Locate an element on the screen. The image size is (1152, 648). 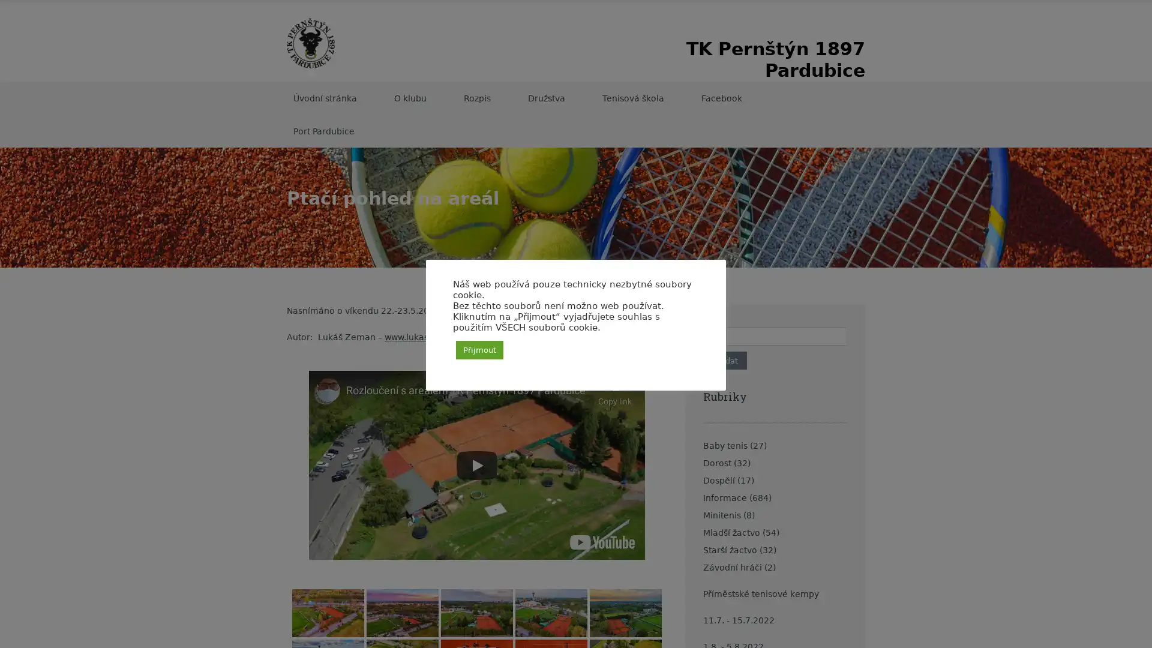
Prijmout is located at coordinates (479, 349).